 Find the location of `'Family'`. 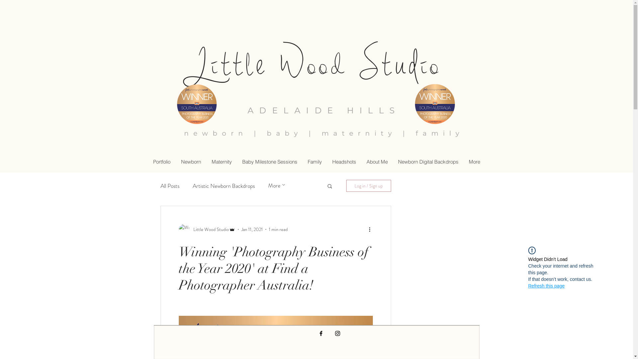

'Family' is located at coordinates (314, 162).